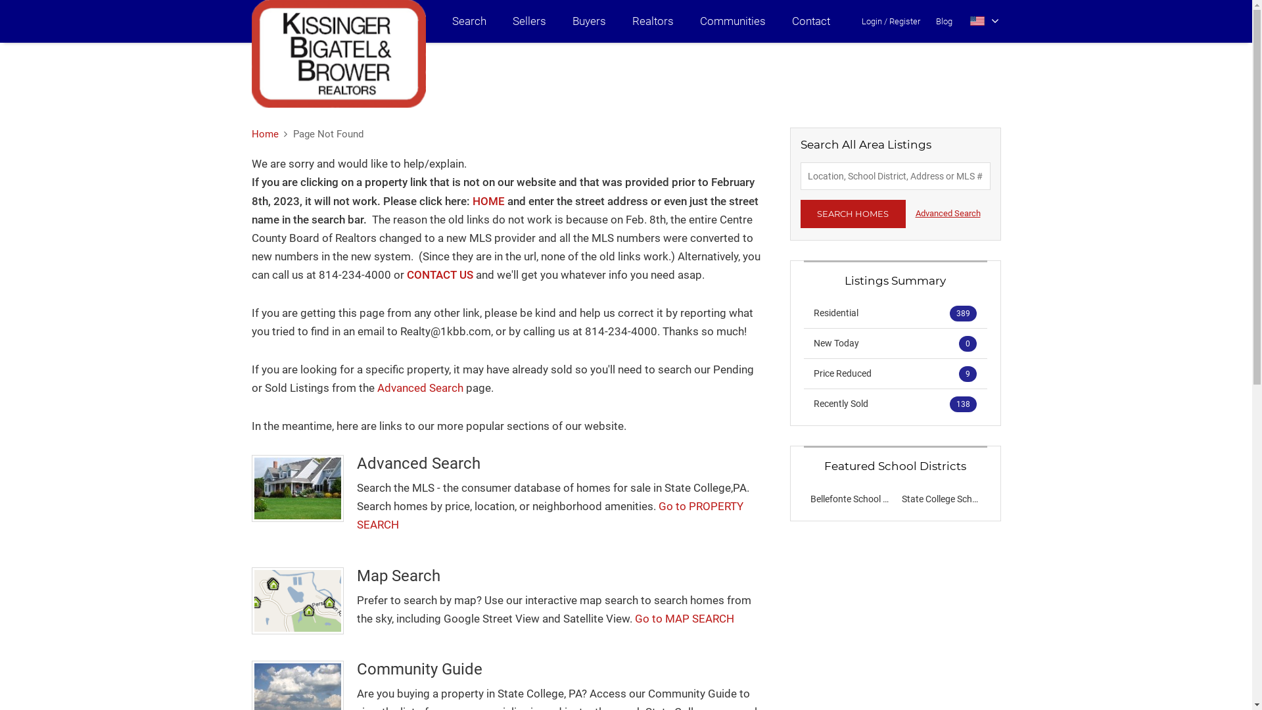 The height and width of the screenshot is (710, 1262). Describe the element at coordinates (296, 601) in the screenshot. I see `'Search by map'` at that location.